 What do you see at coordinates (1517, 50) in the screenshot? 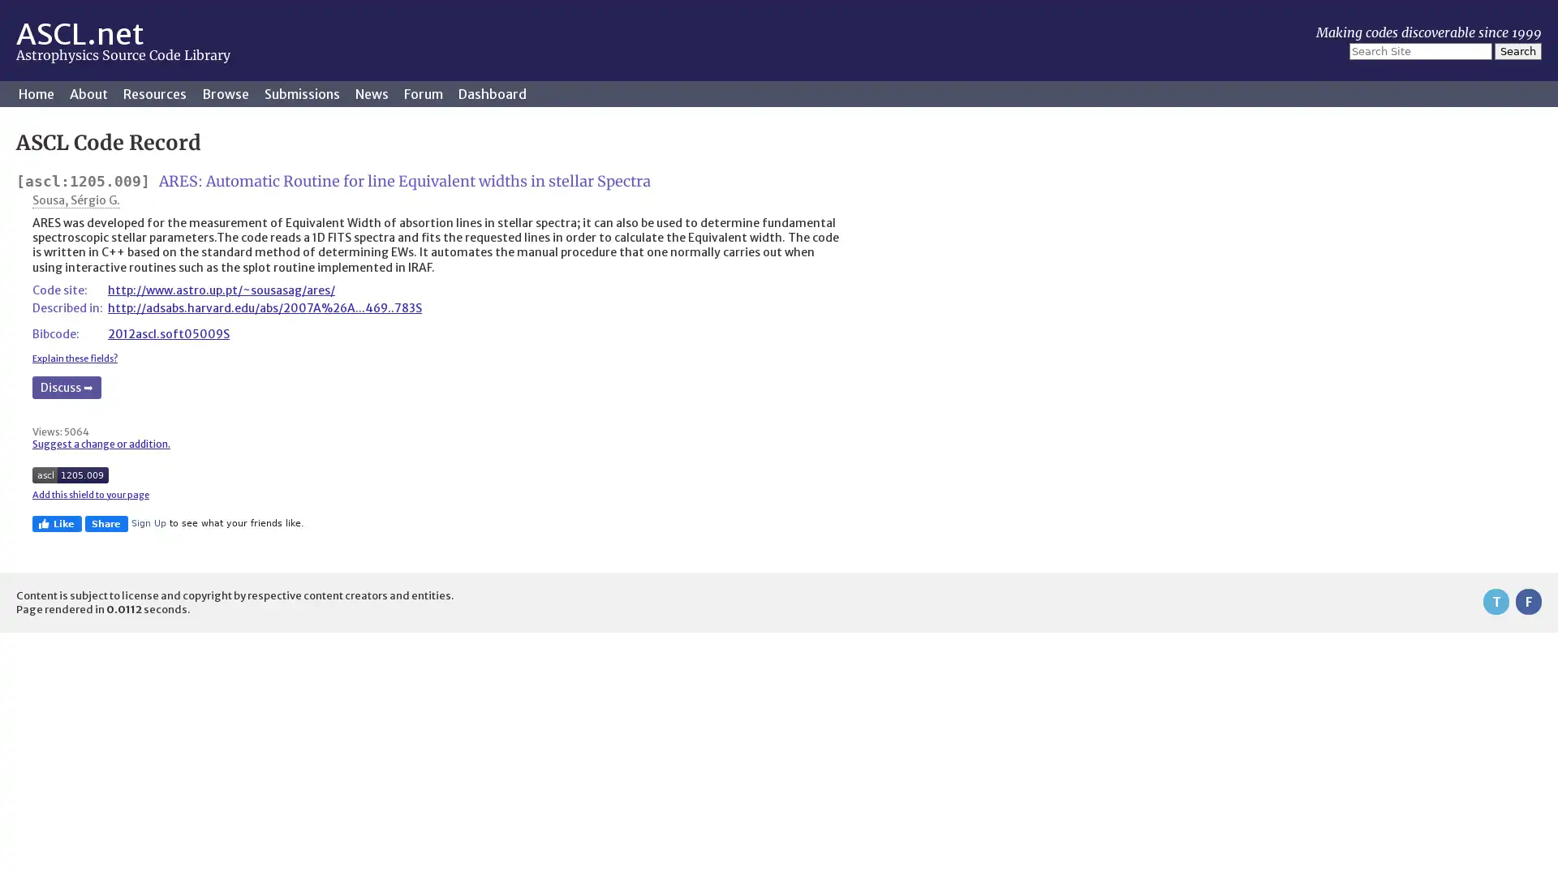
I see `Search` at bounding box center [1517, 50].